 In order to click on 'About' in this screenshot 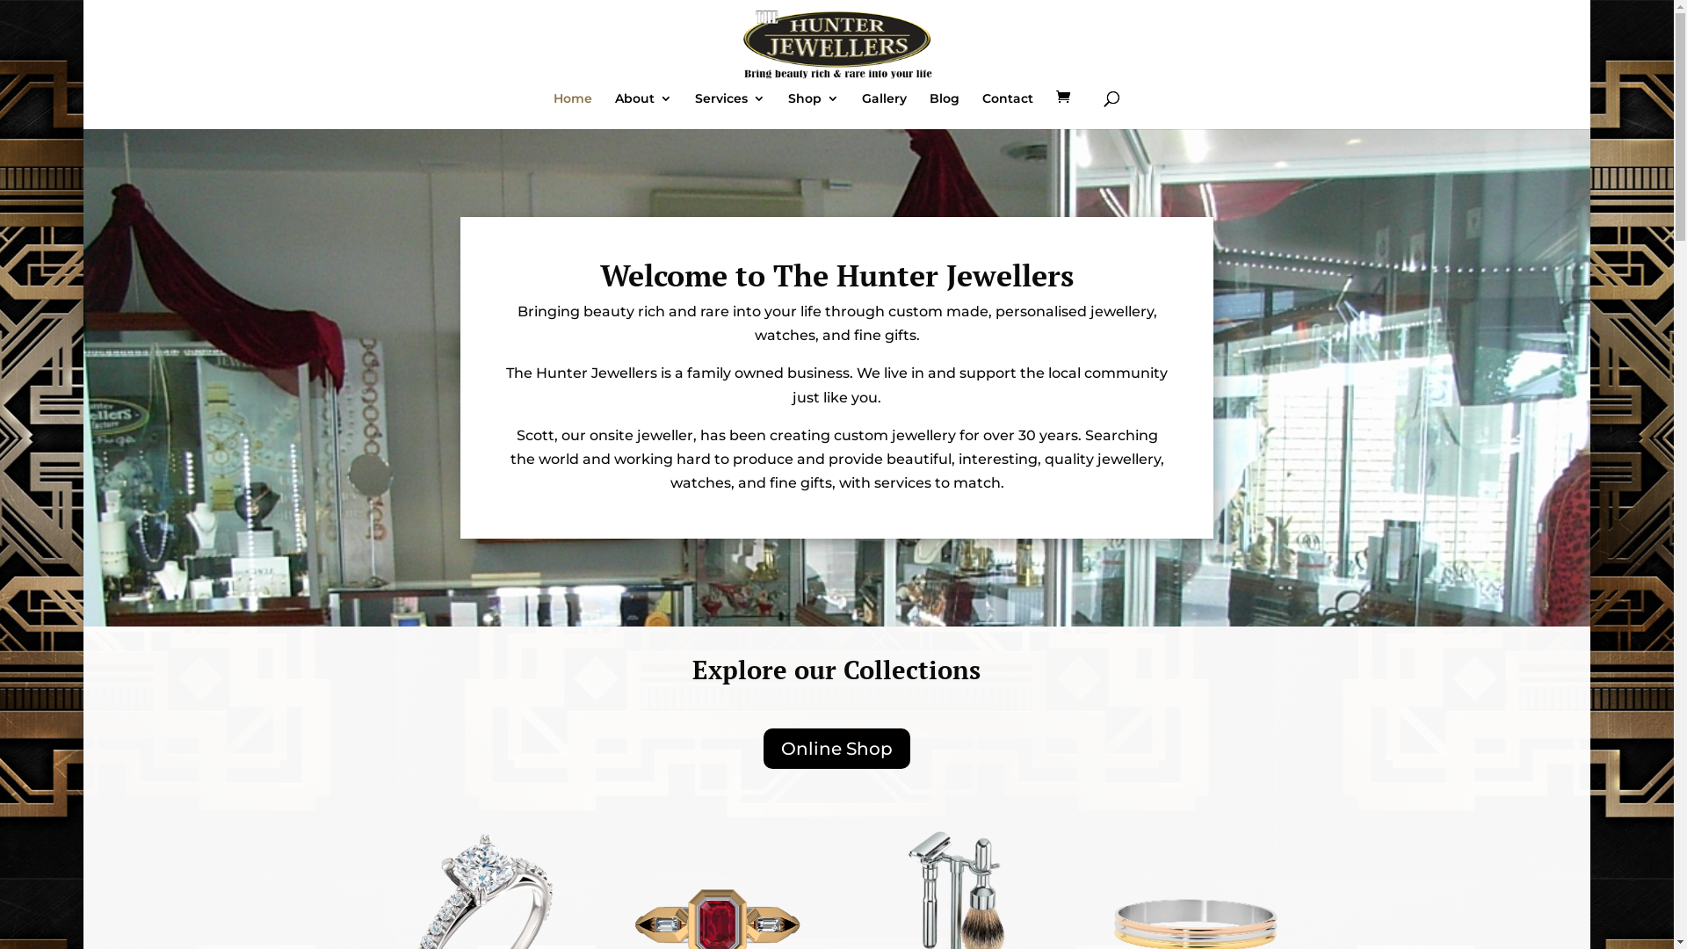, I will do `click(615, 111)`.